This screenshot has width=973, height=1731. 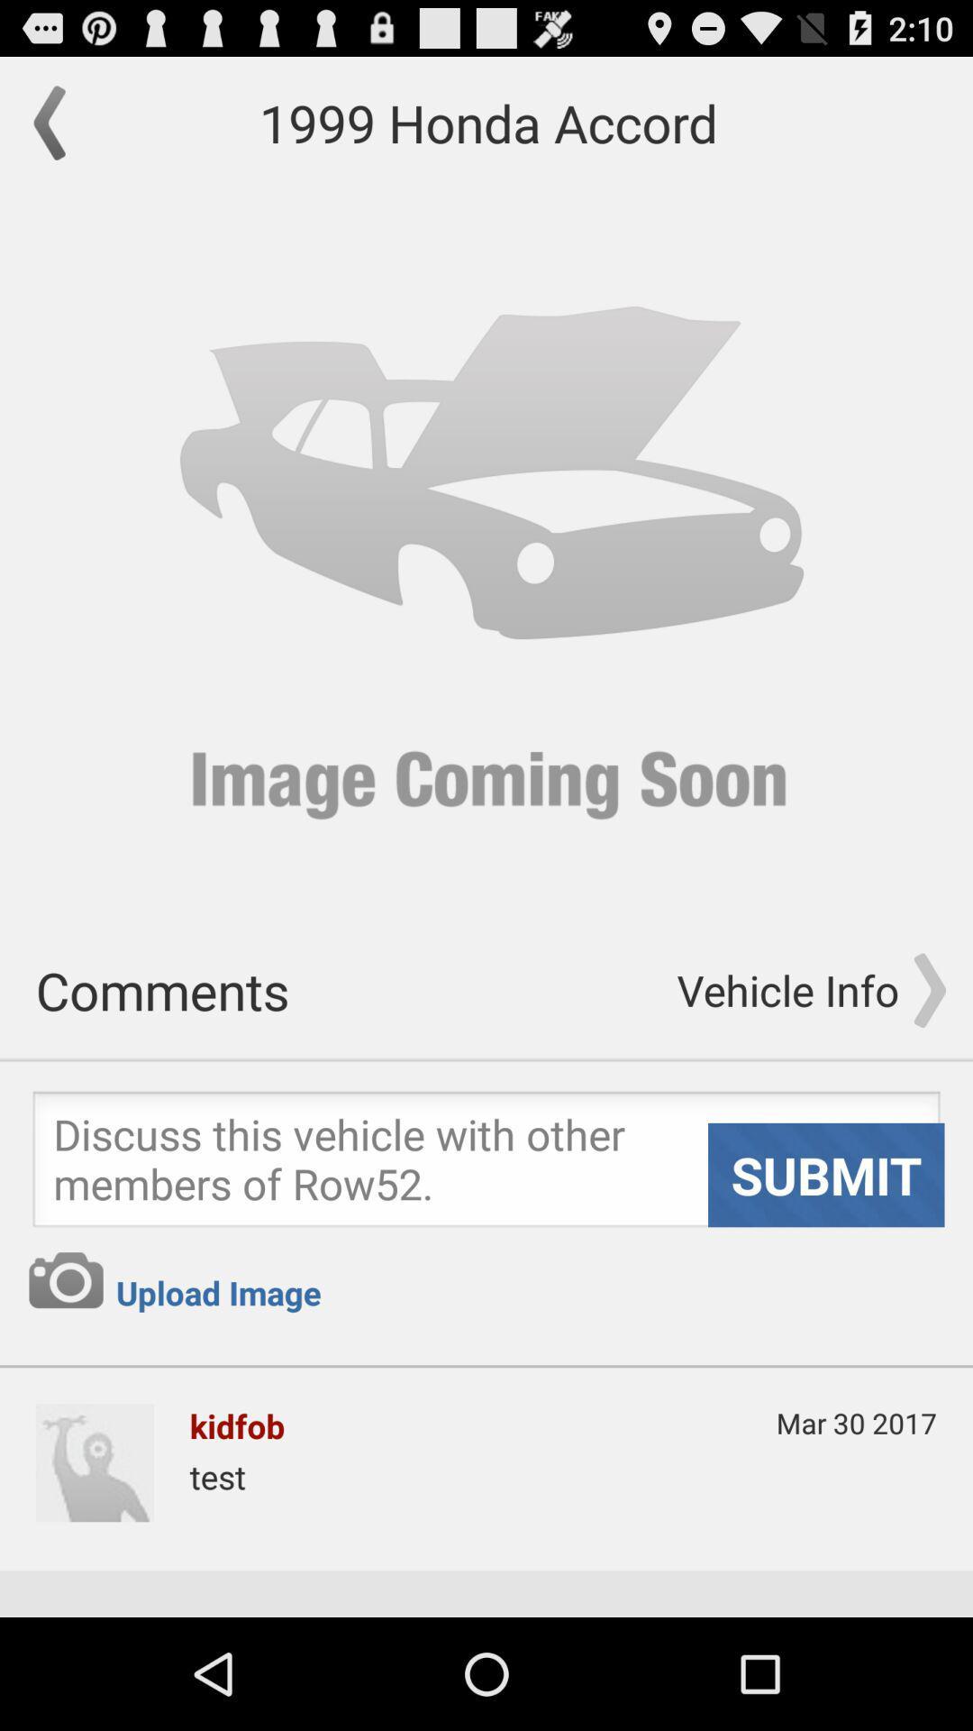 I want to click on click the icon to upload image, so click(x=65, y=1279).